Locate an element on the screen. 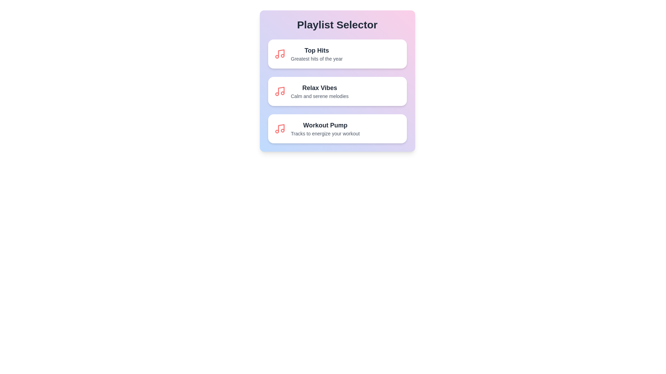 The image size is (666, 374). the playlist item Workout Pump is located at coordinates (337, 128).